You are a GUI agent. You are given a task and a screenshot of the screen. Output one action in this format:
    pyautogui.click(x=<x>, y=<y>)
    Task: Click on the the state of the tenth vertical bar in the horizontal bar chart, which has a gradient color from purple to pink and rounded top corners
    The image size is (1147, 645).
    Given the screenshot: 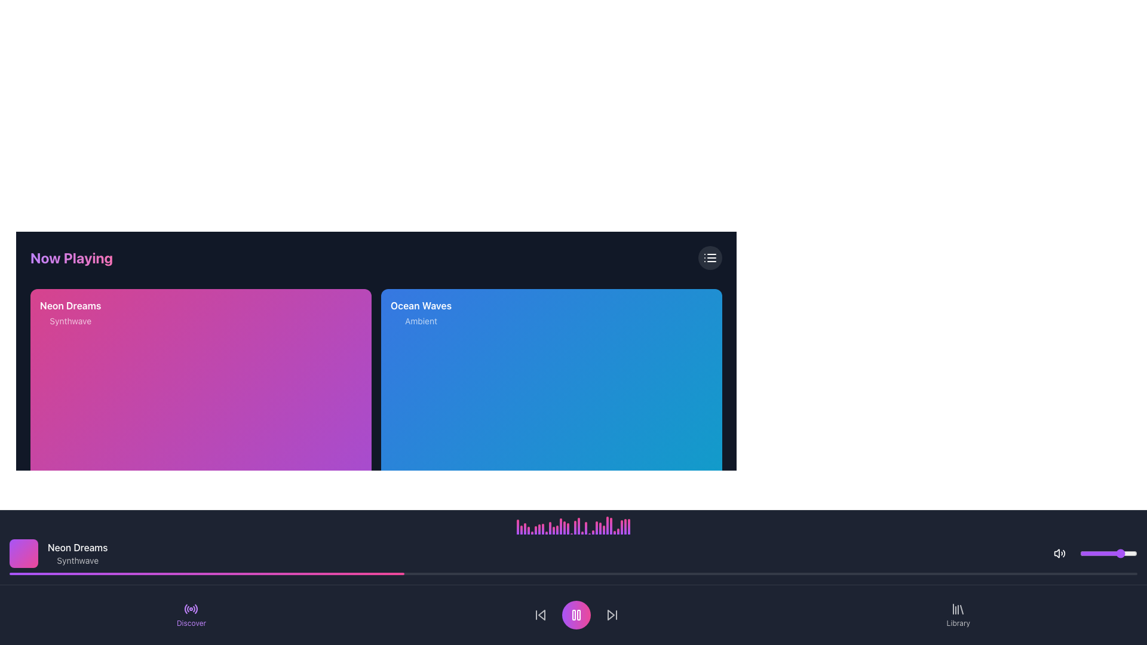 What is the action you would take?
    pyautogui.click(x=550, y=527)
    